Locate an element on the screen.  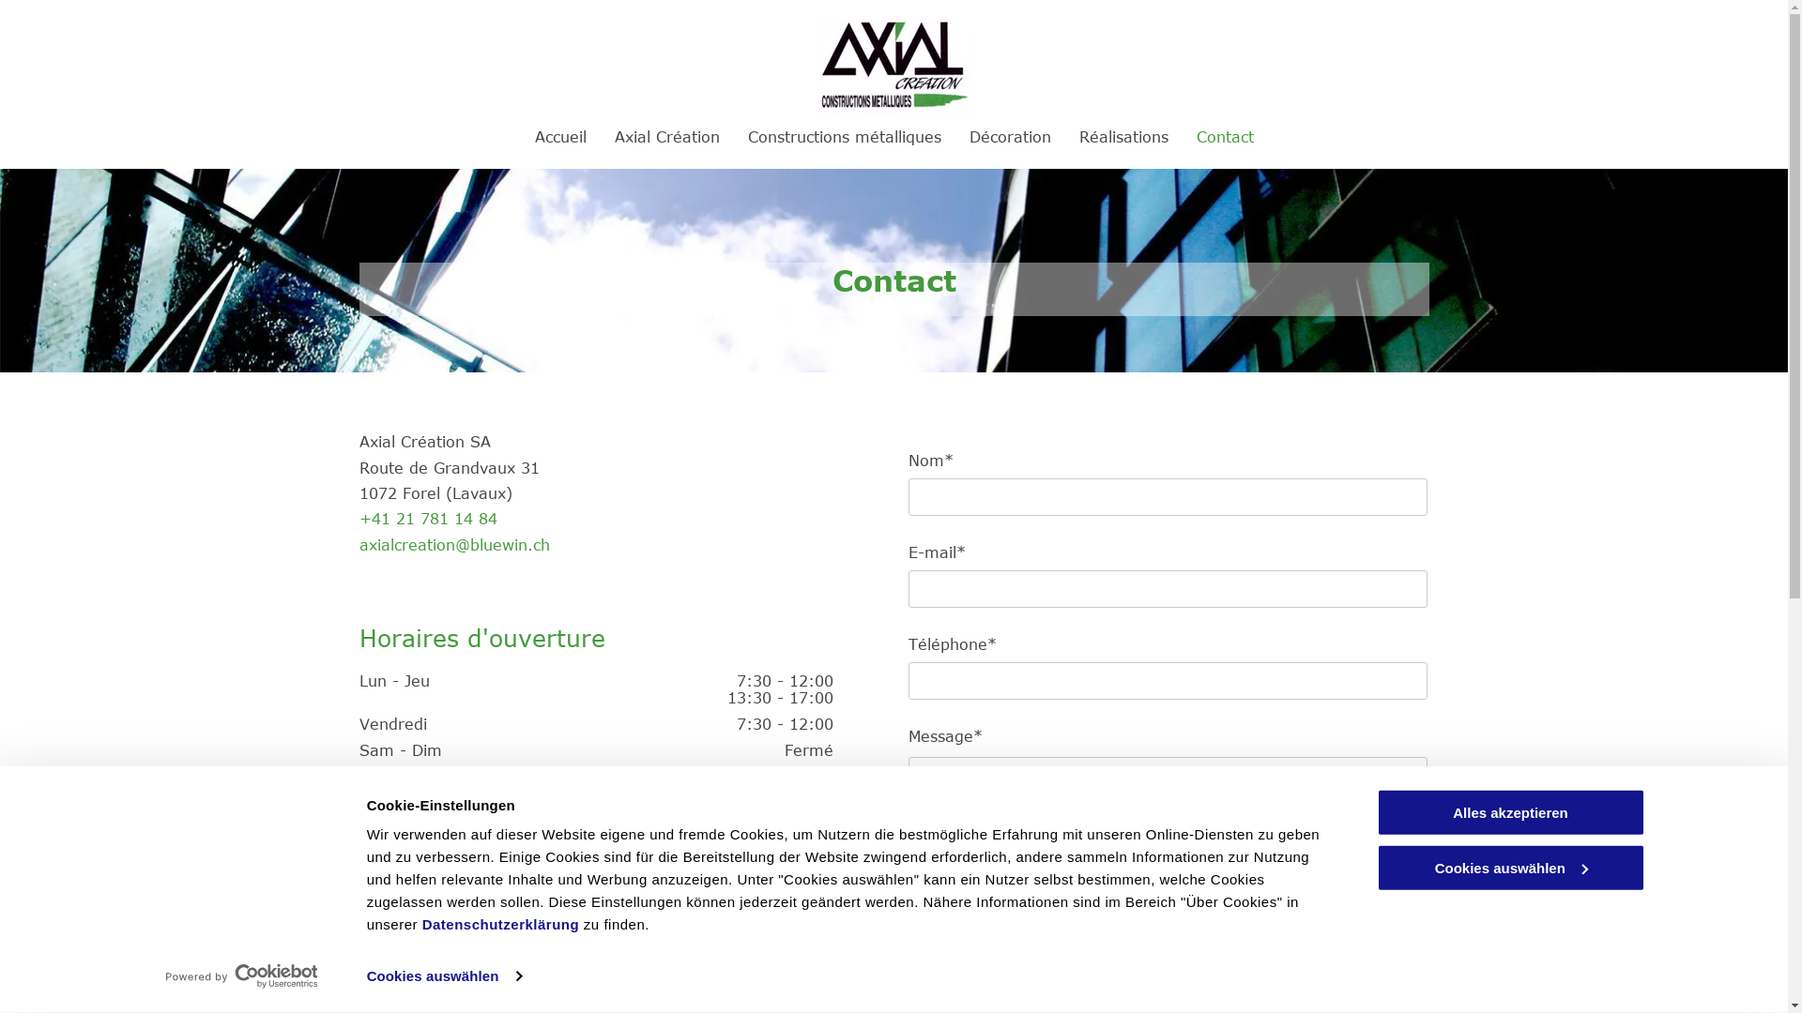
'+41 21 781 14 84' is located at coordinates (426, 518).